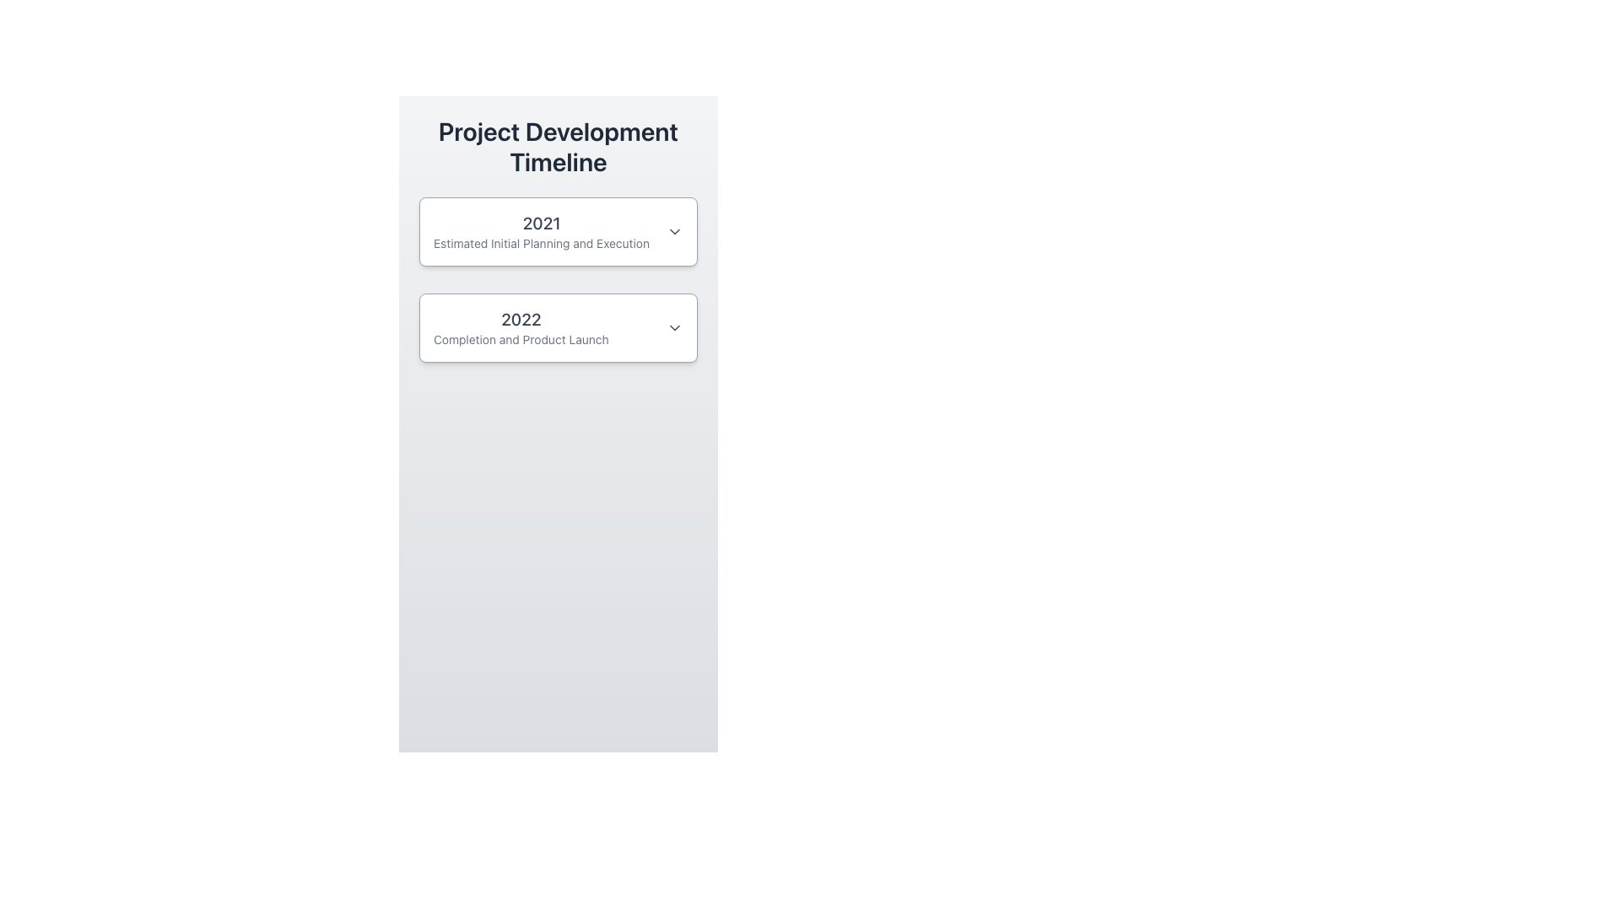 The image size is (1620, 911). Describe the element at coordinates (675, 328) in the screenshot. I see `the Dropdown Trigger Icon located at the rightmost side of the '2022 Completion and Product Launch' section` at that location.